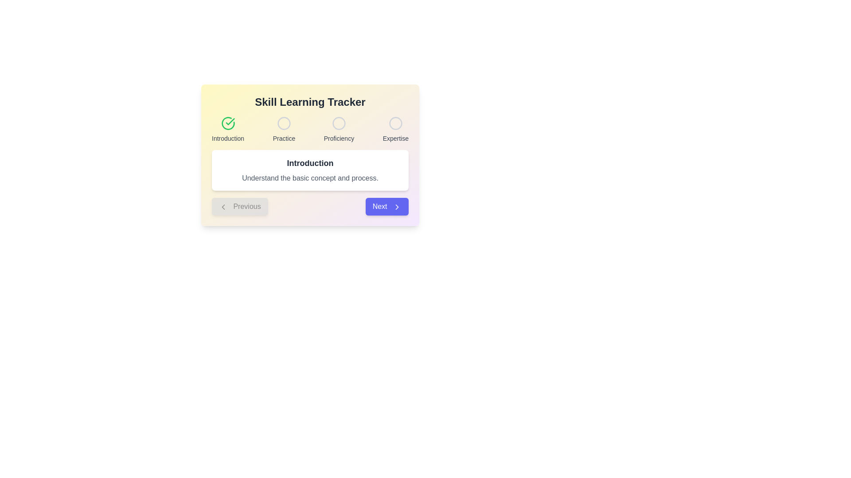 This screenshot has width=851, height=478. Describe the element at coordinates (397, 206) in the screenshot. I see `the 'Next' button which contains the rightward-pointing arrow icon, located at the bottom-right corner of the interface` at that location.